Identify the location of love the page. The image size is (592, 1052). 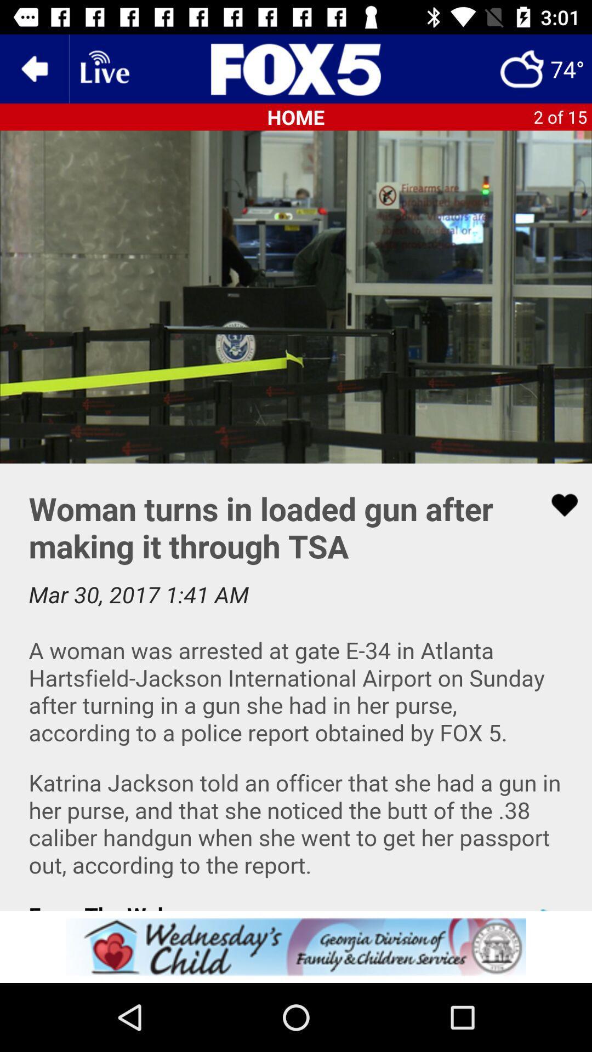
(557, 505).